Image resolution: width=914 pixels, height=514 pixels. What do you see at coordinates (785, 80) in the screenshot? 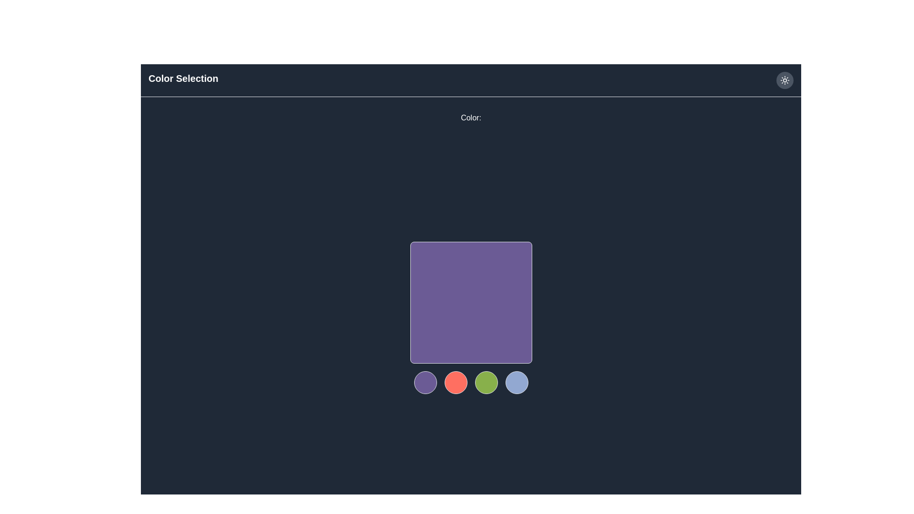
I see `the circular button with a gray background and a sun-like icon located at the far right of the top bar, near 'Color Selection'` at bounding box center [785, 80].